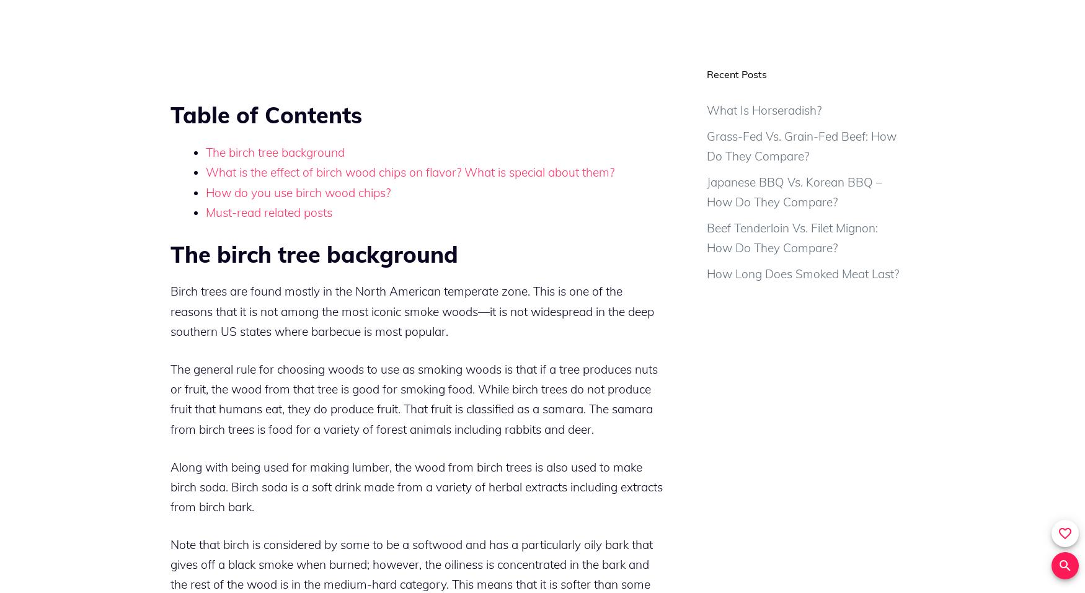  What do you see at coordinates (298, 191) in the screenshot?
I see `'How do you use birch wood chips?'` at bounding box center [298, 191].